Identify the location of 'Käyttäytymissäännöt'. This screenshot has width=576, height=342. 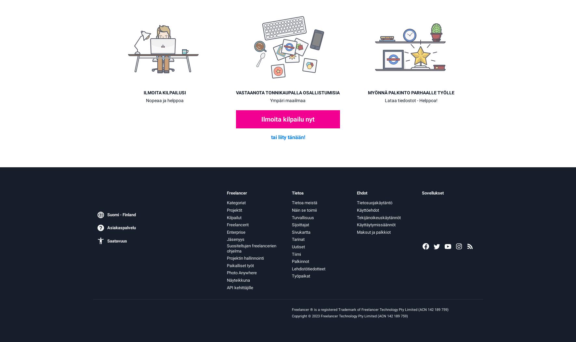
(376, 224).